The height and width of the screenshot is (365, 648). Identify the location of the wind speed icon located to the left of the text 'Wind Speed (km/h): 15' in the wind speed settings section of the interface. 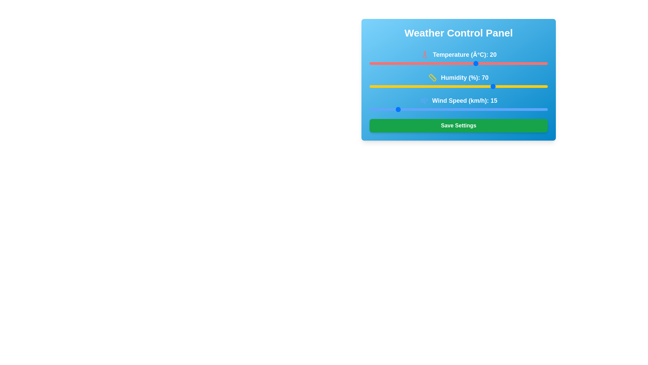
(424, 100).